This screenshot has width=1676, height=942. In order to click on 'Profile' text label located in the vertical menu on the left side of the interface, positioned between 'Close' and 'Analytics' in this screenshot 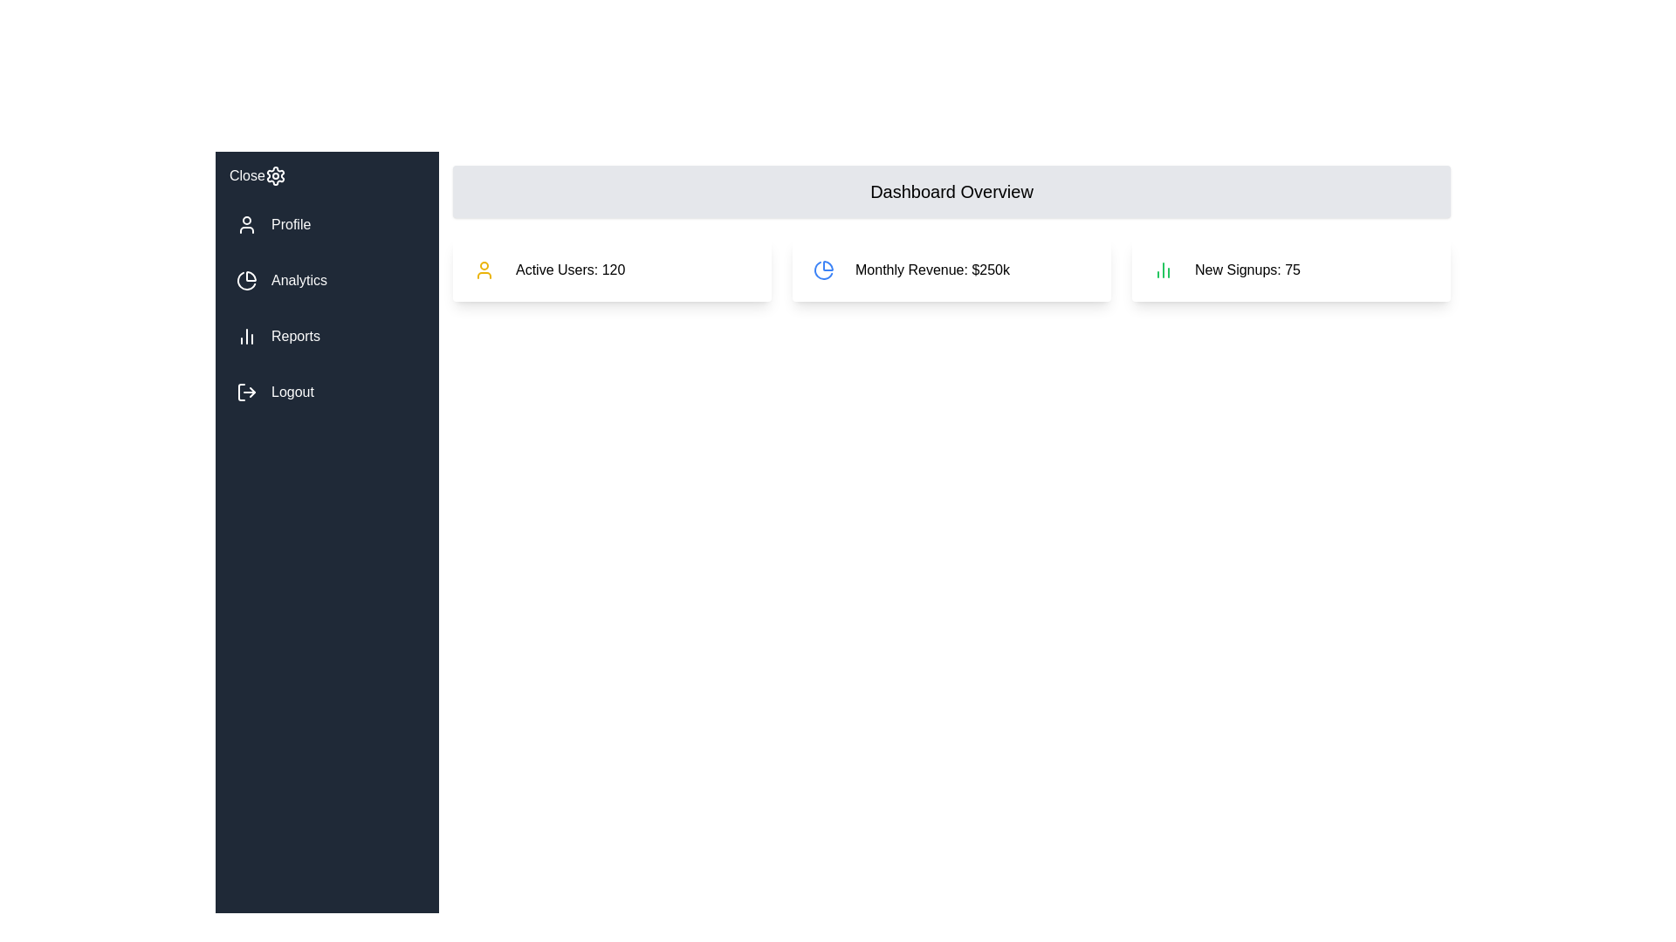, I will do `click(291, 224)`.